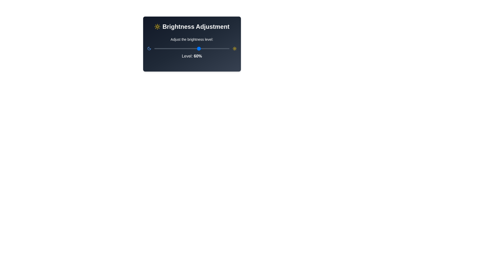  What do you see at coordinates (227, 49) in the screenshot?
I see `the brightness level` at bounding box center [227, 49].